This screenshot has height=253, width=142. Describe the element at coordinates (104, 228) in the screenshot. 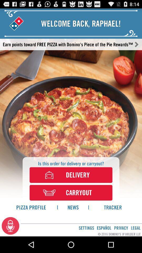

I see `icon next to settings app` at that location.